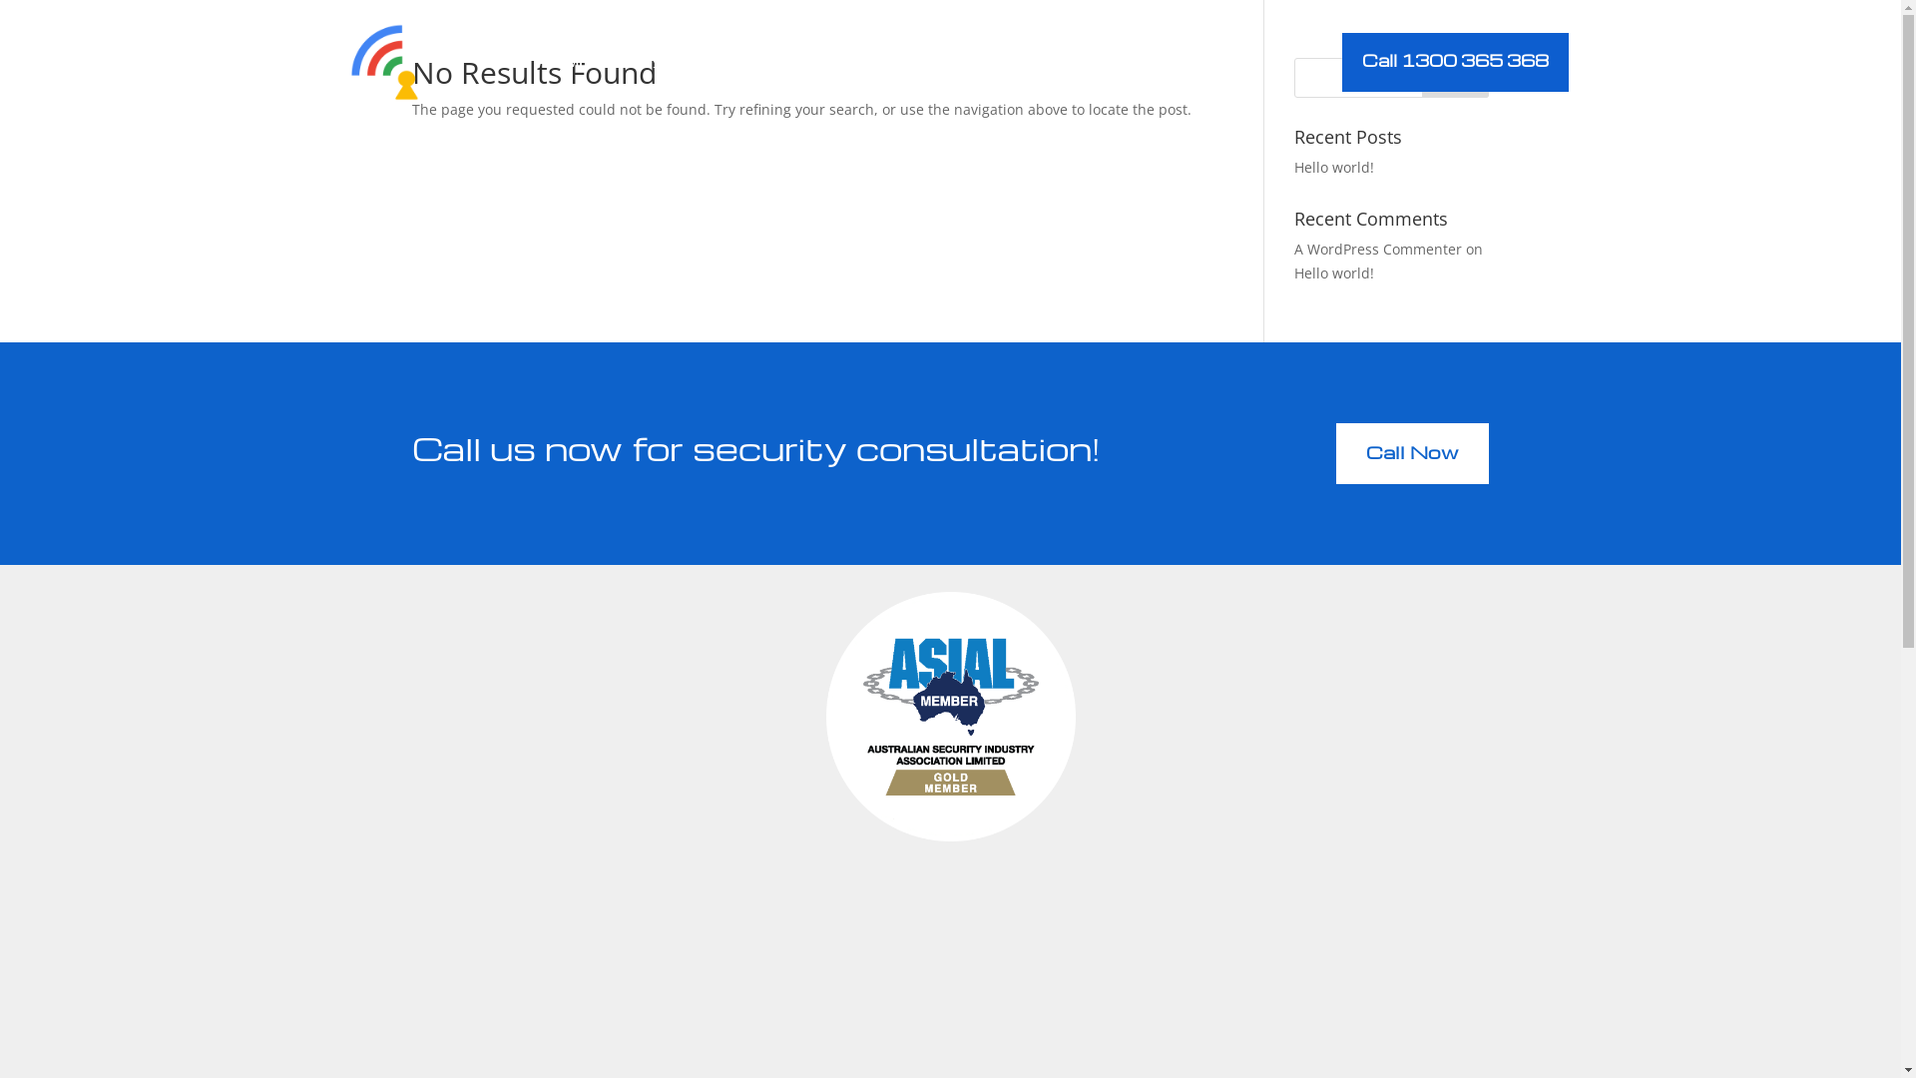 This screenshot has width=1916, height=1078. Describe the element at coordinates (1456, 76) in the screenshot. I see `'Search'` at that location.